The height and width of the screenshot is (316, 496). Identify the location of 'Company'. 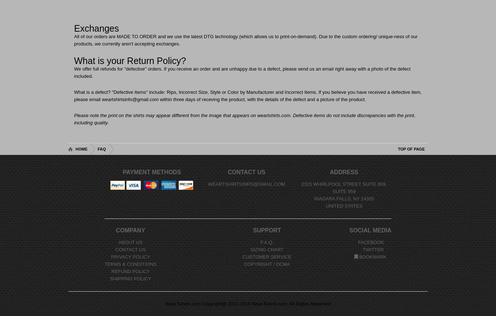
(130, 230).